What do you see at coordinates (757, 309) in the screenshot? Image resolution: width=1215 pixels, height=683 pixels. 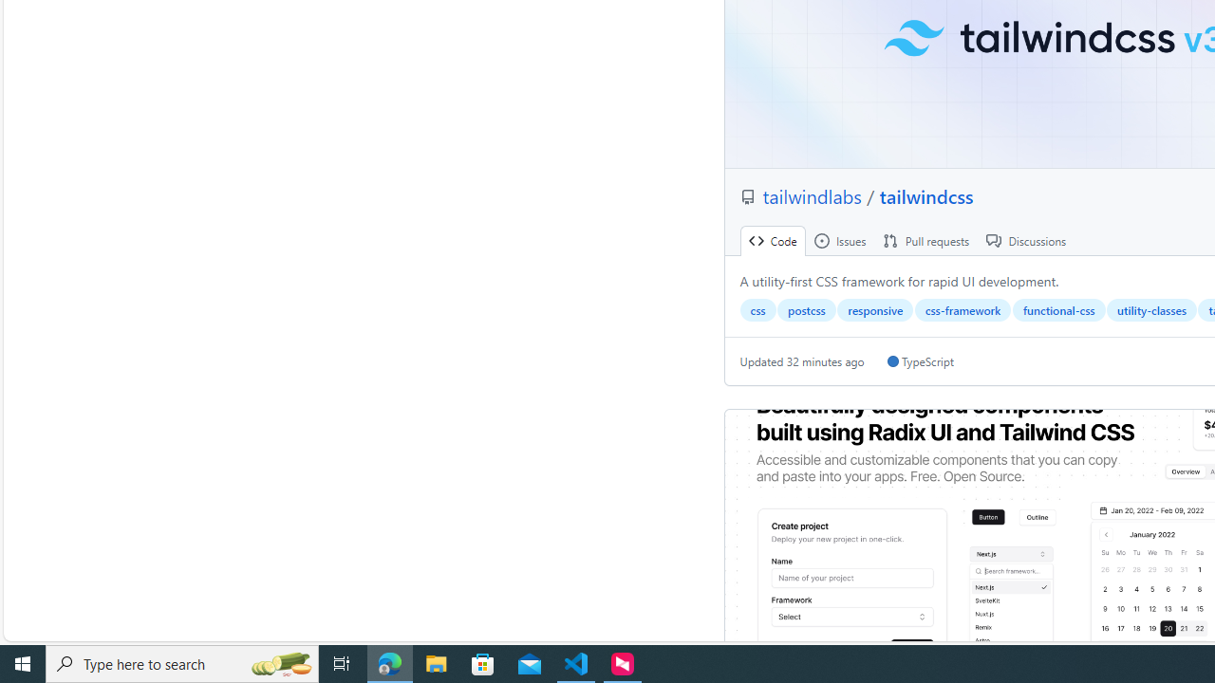 I see `'css'` at bounding box center [757, 309].